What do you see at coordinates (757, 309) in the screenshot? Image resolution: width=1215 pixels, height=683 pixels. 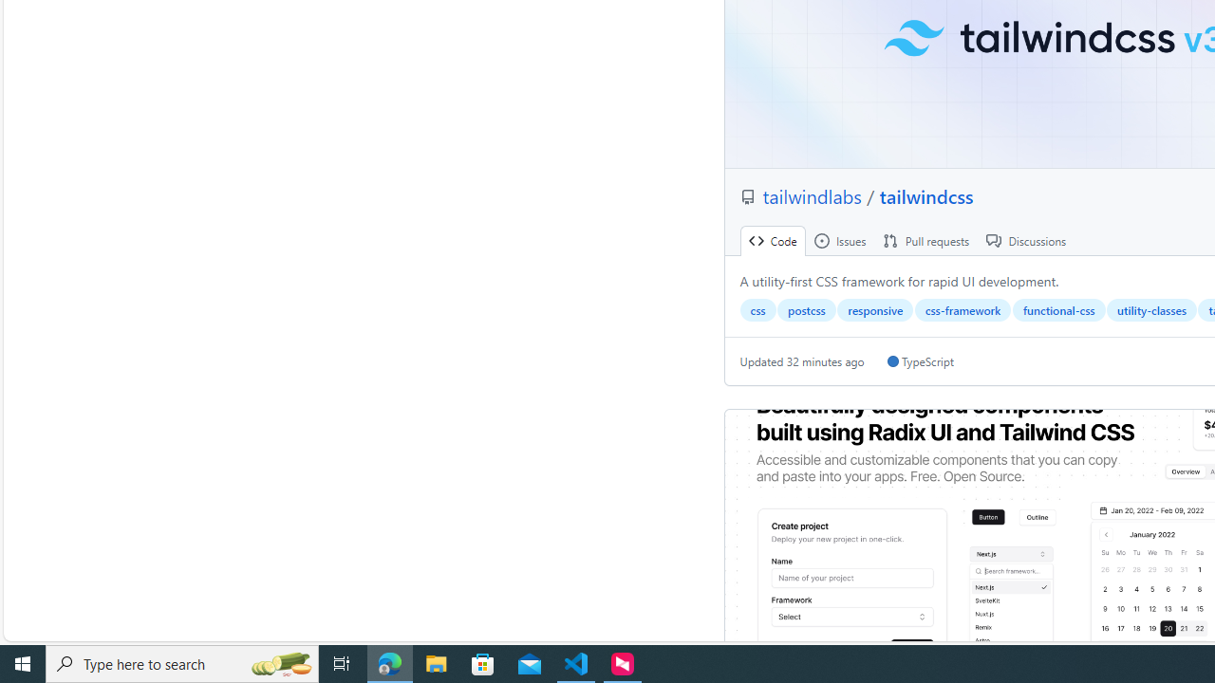 I see `'css'` at bounding box center [757, 309].